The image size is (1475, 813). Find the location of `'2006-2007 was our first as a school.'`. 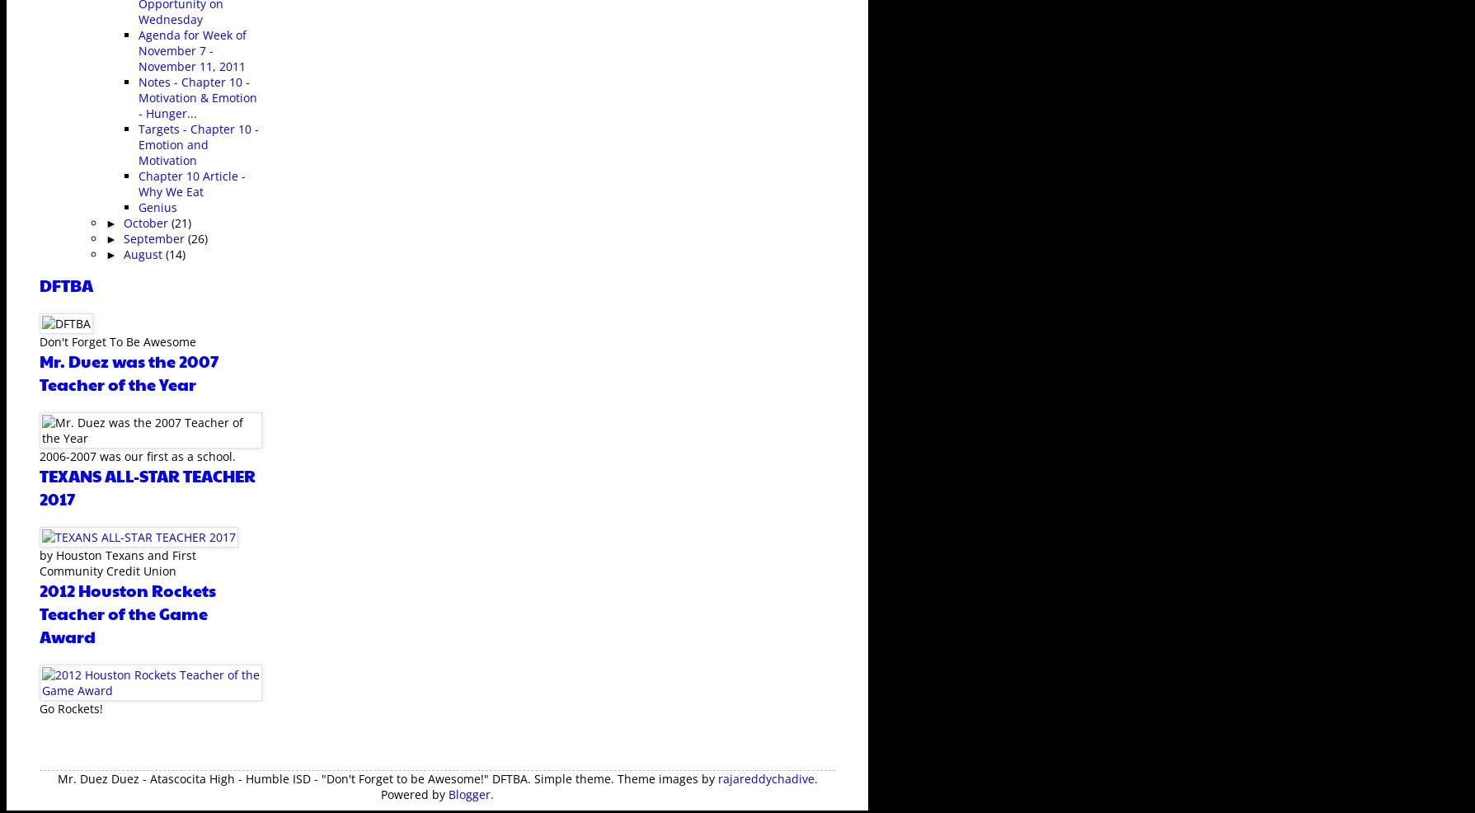

'2006-2007 was our first as a school.' is located at coordinates (137, 454).